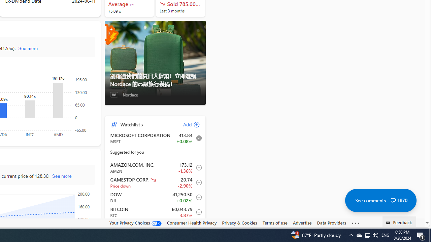 The image size is (431, 242). What do you see at coordinates (191, 223) in the screenshot?
I see `'Consumer Health Privacy'` at bounding box center [191, 223].